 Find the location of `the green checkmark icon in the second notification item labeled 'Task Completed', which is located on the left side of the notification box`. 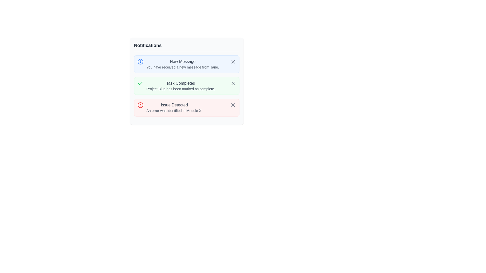

the green checkmark icon in the second notification item labeled 'Task Completed', which is located on the left side of the notification box is located at coordinates (140, 83).